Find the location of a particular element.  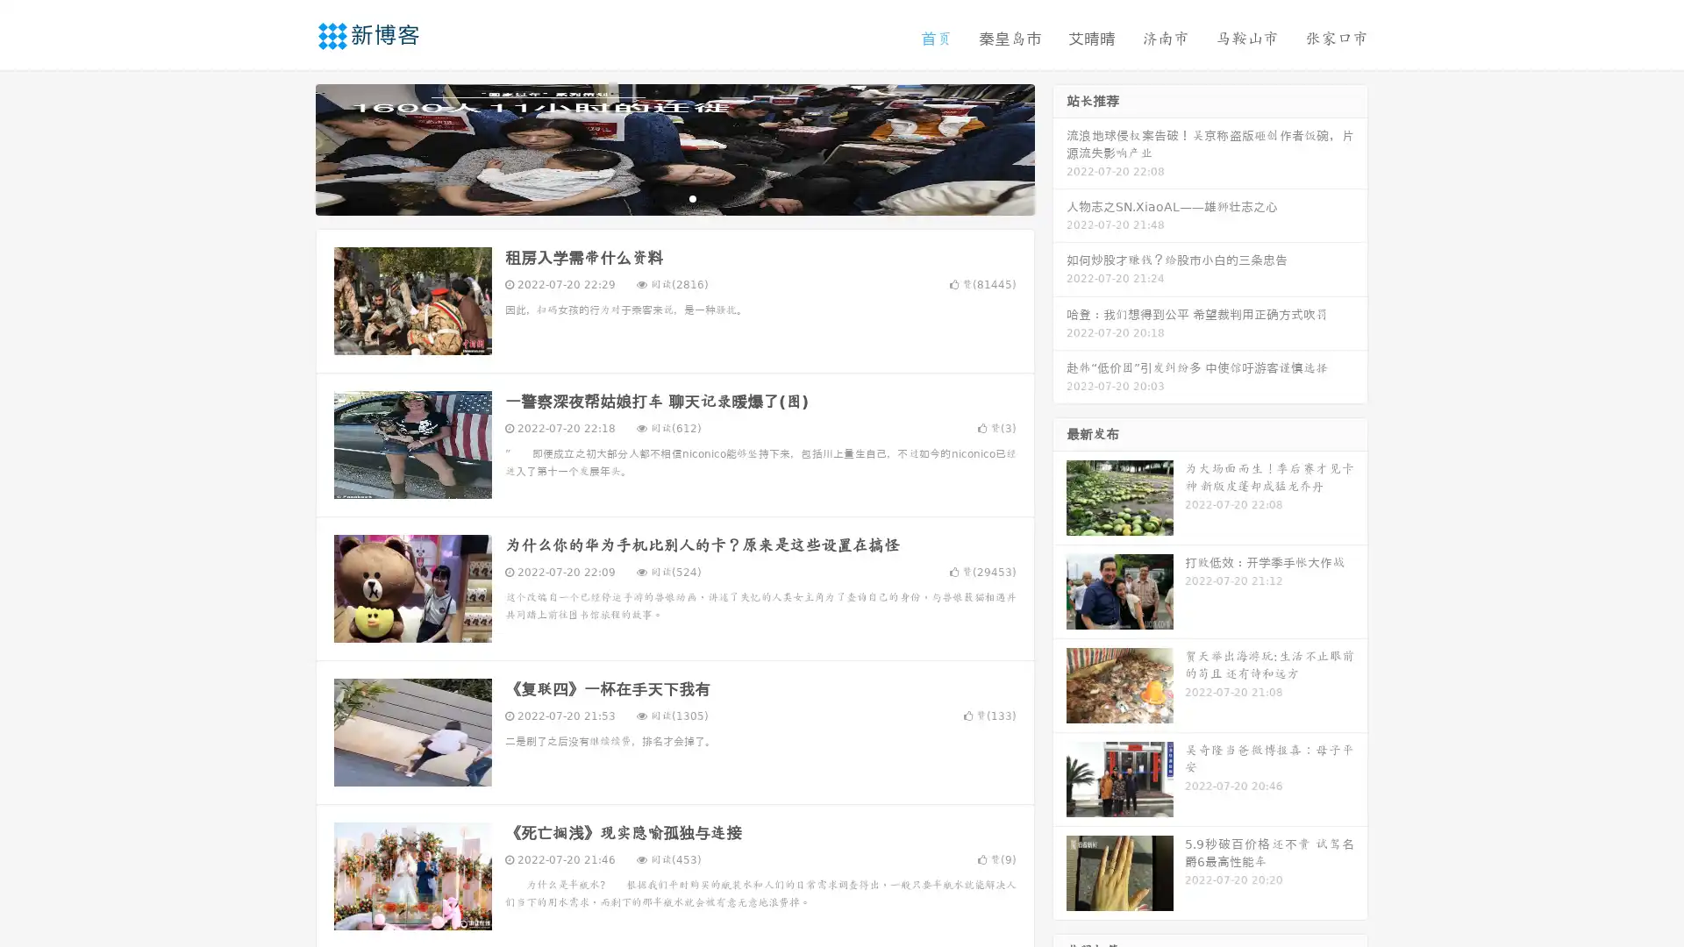

Go to slide 2 is located at coordinates (674, 197).